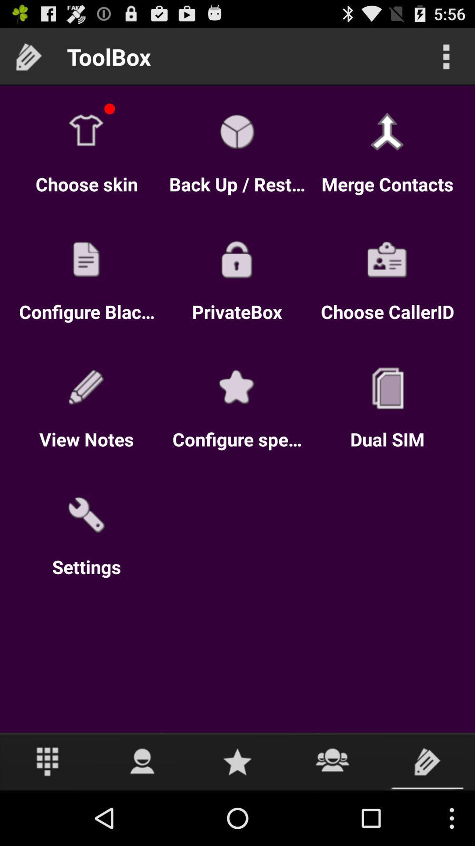 The width and height of the screenshot is (475, 846). Describe the element at coordinates (332, 761) in the screenshot. I see `groups button` at that location.